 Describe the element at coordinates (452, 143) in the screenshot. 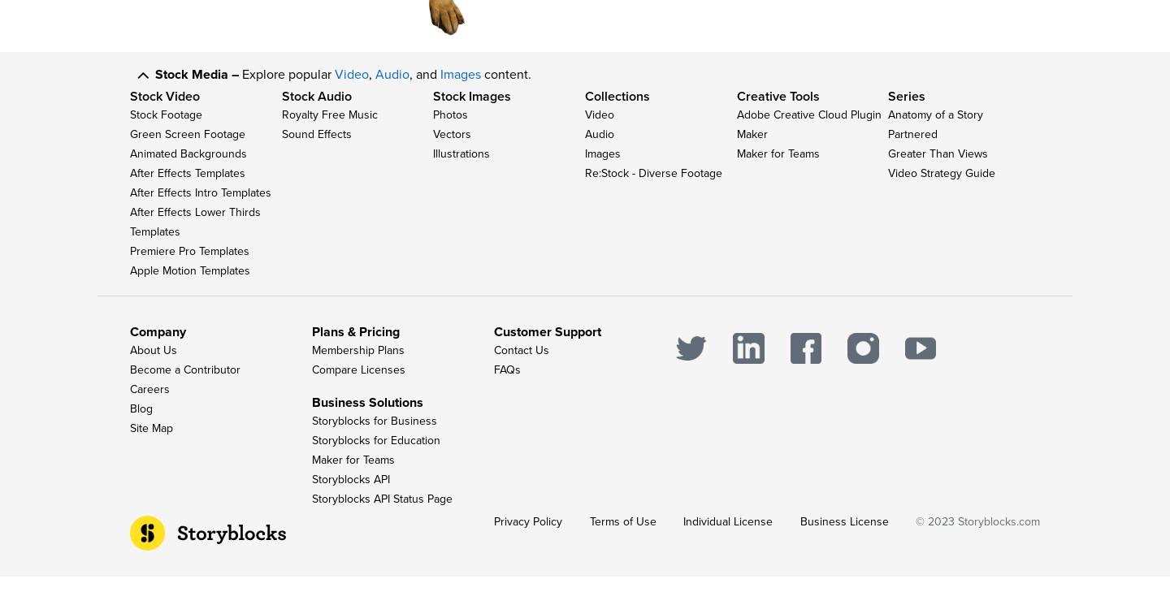

I see `'Vectors'` at that location.